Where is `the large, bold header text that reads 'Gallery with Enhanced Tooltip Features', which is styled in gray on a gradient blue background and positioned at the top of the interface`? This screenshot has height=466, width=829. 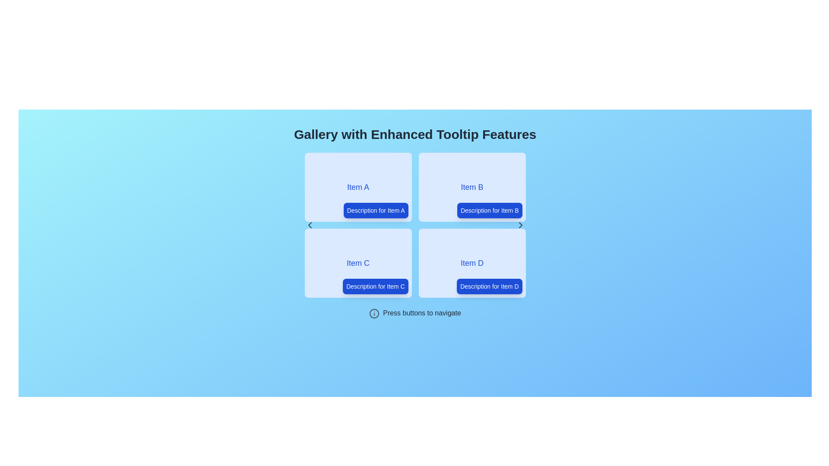
the large, bold header text that reads 'Gallery with Enhanced Tooltip Features', which is styled in gray on a gradient blue background and positioned at the top of the interface is located at coordinates (415, 135).